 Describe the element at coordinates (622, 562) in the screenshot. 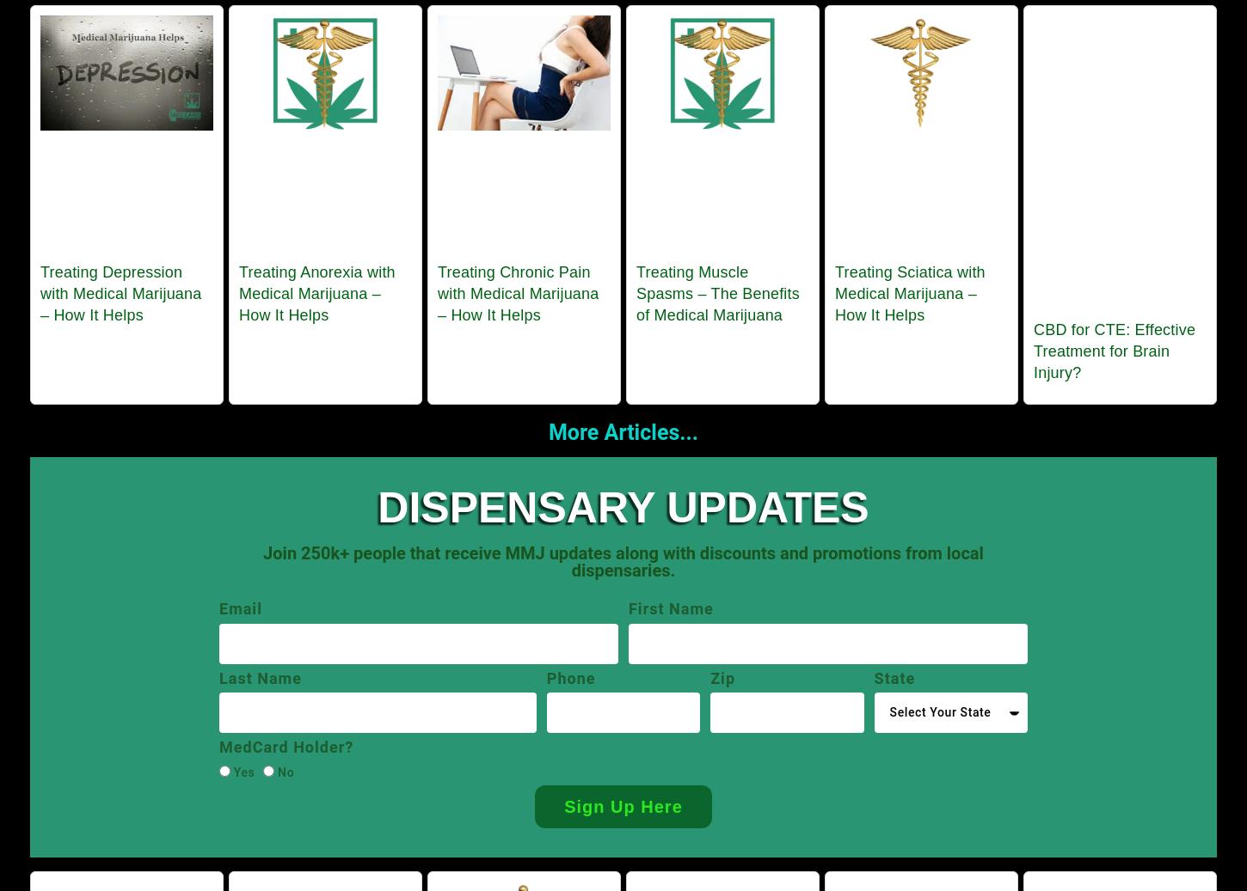

I see `'Join 250k+ people that receive MMJ updates along with discounts and promotions from local dispensaries.'` at that location.